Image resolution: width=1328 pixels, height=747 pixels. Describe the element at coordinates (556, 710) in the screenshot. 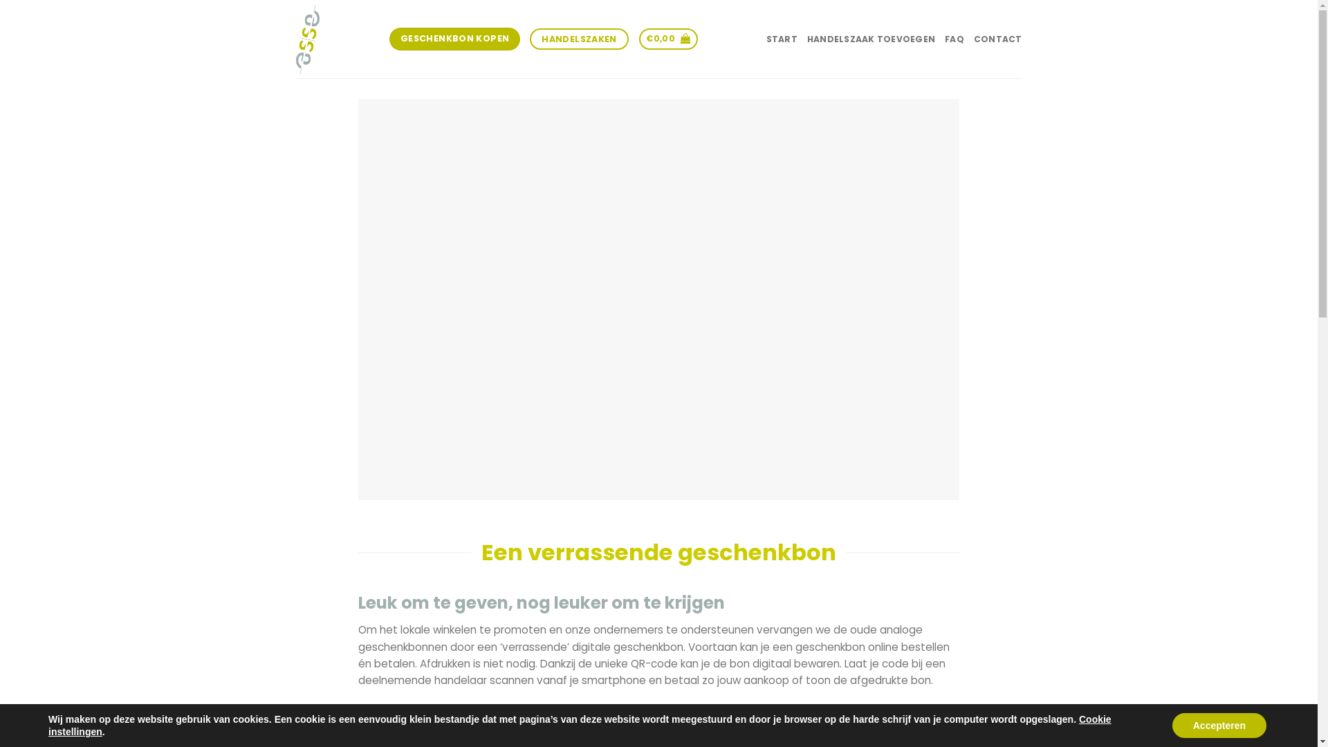

I see `'in de shop'` at that location.